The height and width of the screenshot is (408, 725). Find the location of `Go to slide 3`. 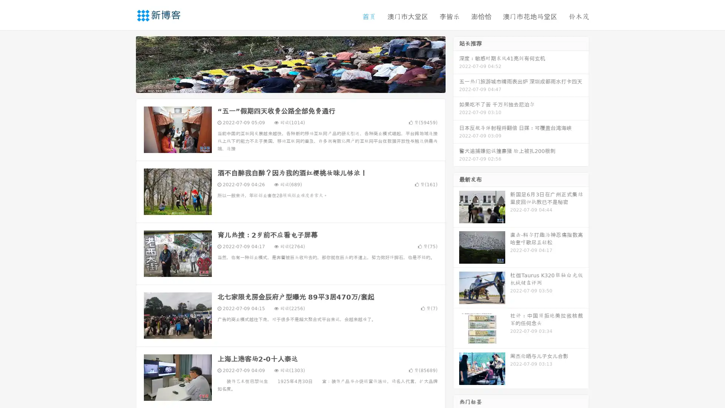

Go to slide 3 is located at coordinates (298, 85).